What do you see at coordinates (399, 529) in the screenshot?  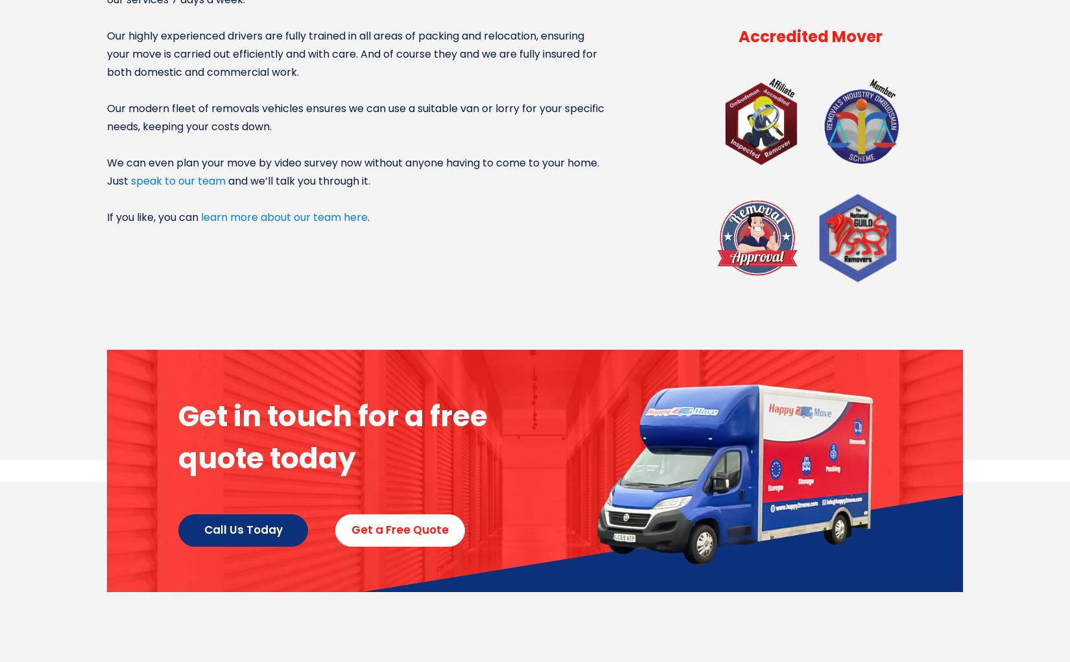 I see `'Get a Free Quote'` at bounding box center [399, 529].